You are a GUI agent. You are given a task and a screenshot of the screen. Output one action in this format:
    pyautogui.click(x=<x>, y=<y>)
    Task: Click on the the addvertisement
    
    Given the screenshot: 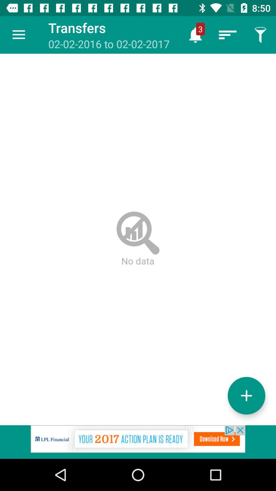 What is the action you would take?
    pyautogui.click(x=138, y=442)
    